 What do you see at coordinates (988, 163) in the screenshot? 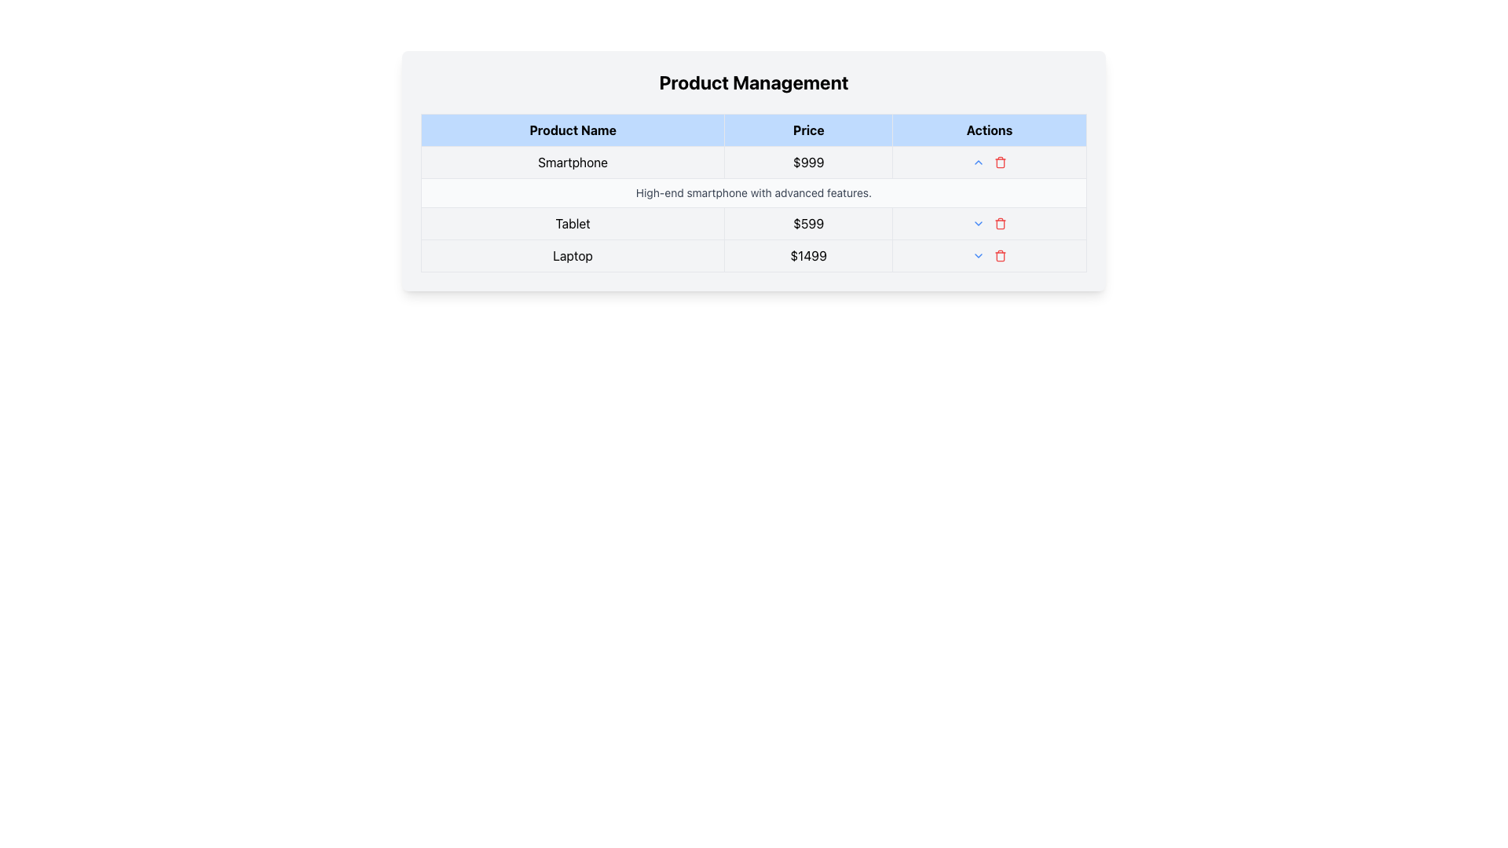
I see `the interactive buttons within the Button Group located in the first row of the table under the 'Actions' column, which contains visually distinctive icons` at bounding box center [988, 163].